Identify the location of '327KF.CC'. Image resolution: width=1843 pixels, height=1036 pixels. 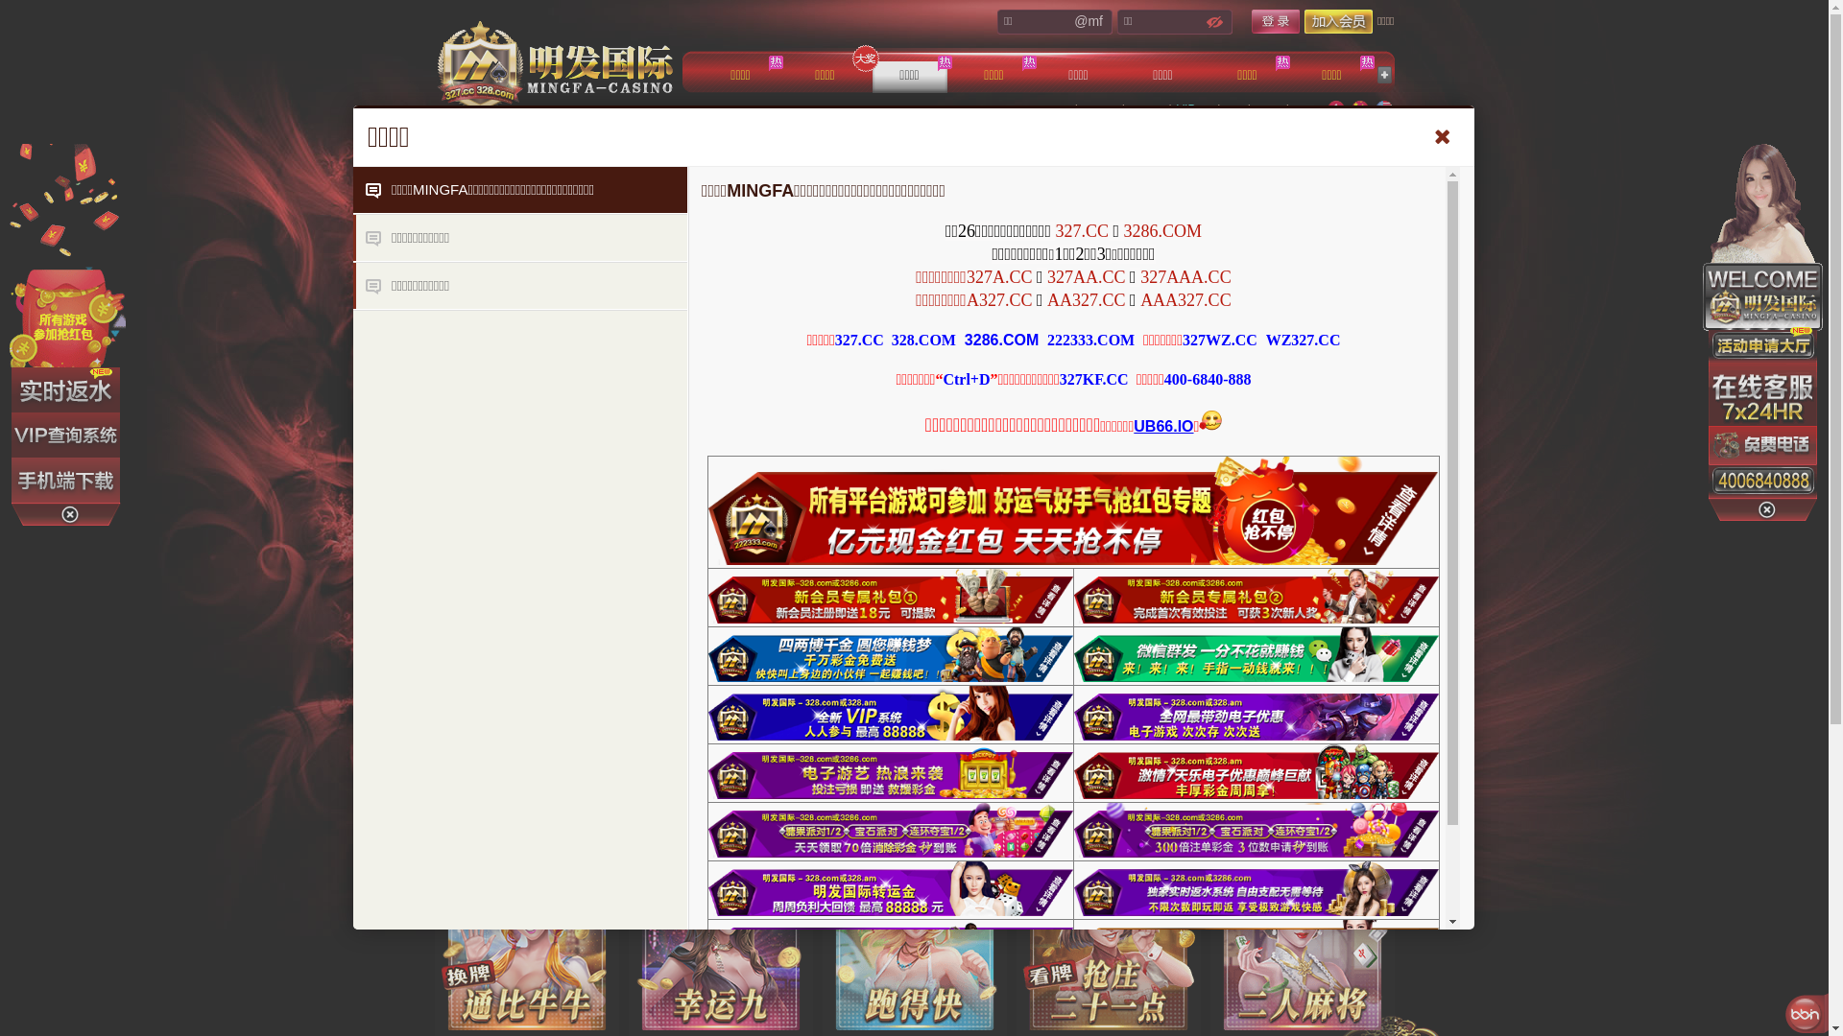
(1094, 379).